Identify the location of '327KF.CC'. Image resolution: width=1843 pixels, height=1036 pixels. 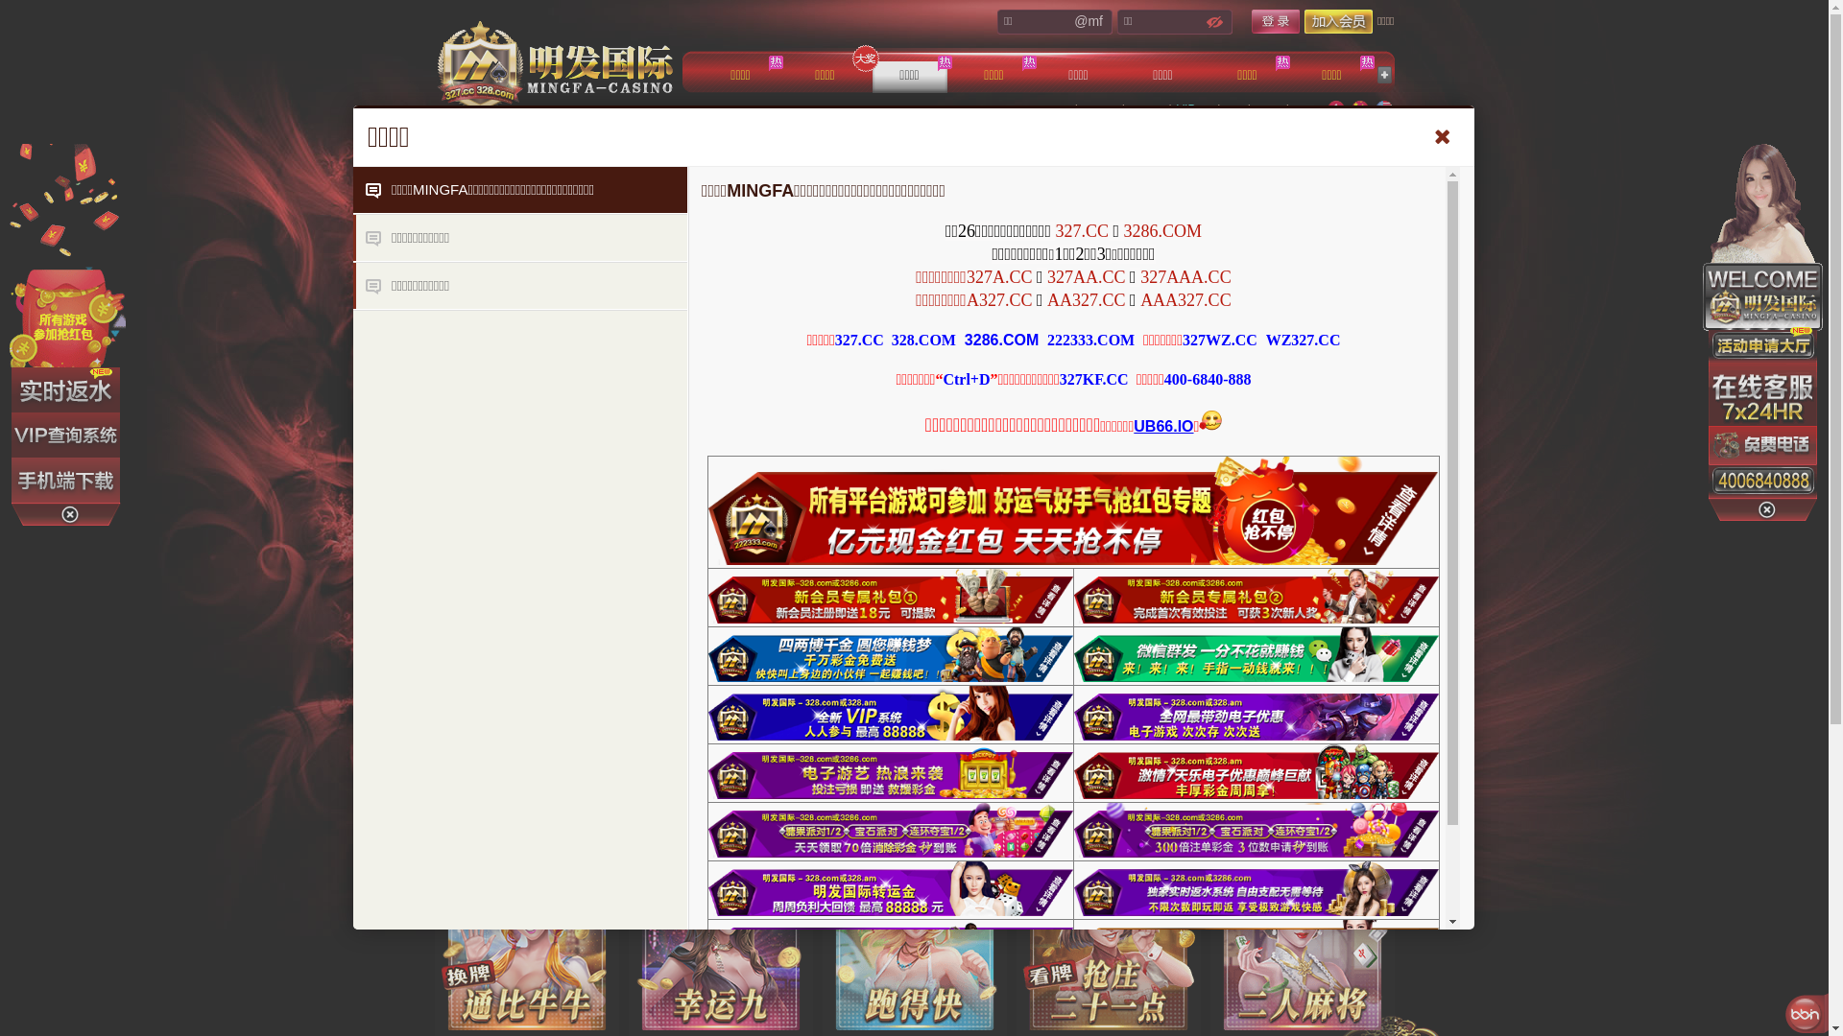
(1094, 379).